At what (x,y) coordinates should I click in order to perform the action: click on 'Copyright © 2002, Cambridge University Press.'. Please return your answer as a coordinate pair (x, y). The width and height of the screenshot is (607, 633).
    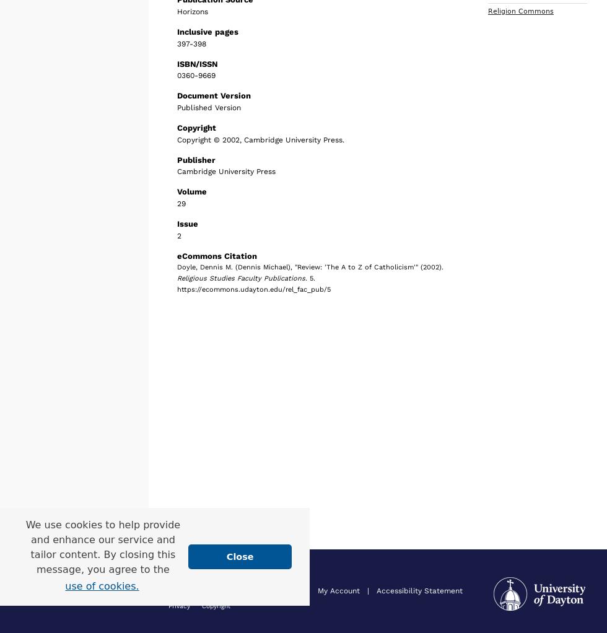
    Looking at the image, I should click on (261, 139).